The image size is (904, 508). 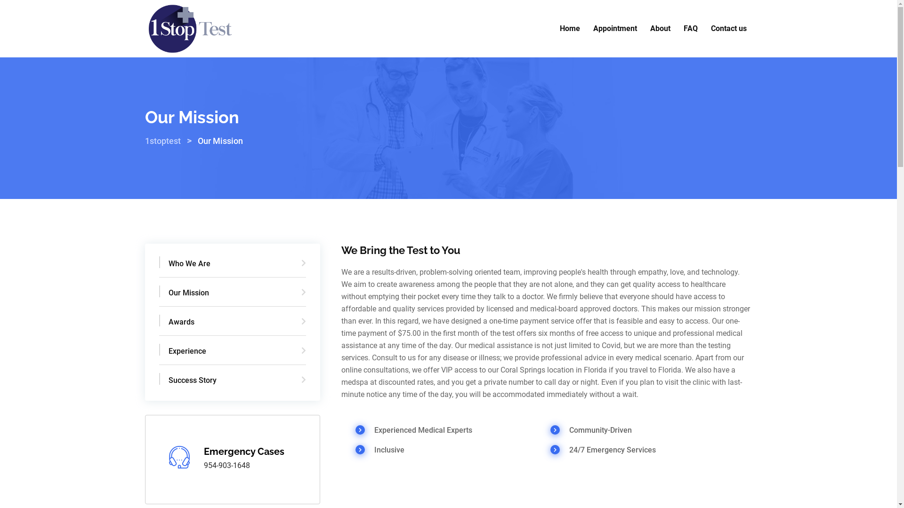 What do you see at coordinates (233, 268) in the screenshot?
I see `'Who We Are'` at bounding box center [233, 268].